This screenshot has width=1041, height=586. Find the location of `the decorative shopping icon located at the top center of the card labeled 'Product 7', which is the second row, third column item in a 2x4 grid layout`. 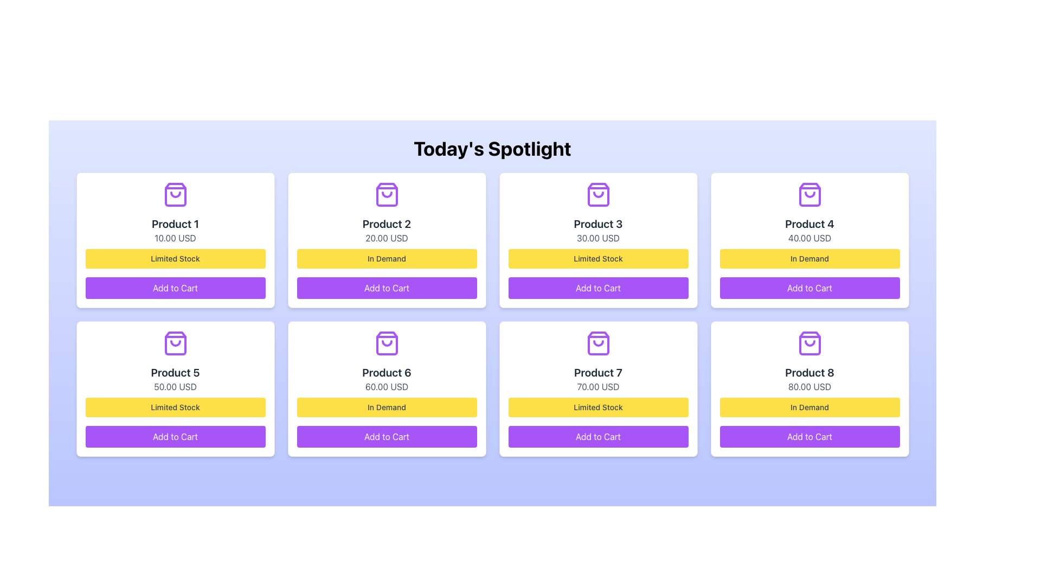

the decorative shopping icon located at the top center of the card labeled 'Product 7', which is the second row, third column item in a 2x4 grid layout is located at coordinates (597, 343).